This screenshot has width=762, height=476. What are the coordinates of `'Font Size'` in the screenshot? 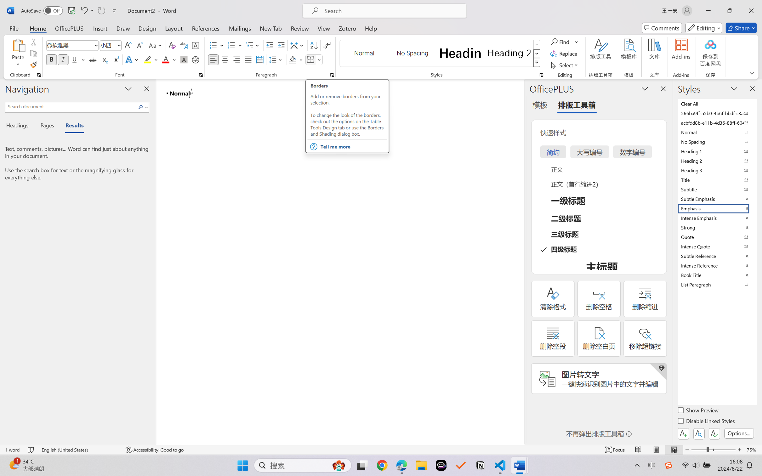 It's located at (111, 45).